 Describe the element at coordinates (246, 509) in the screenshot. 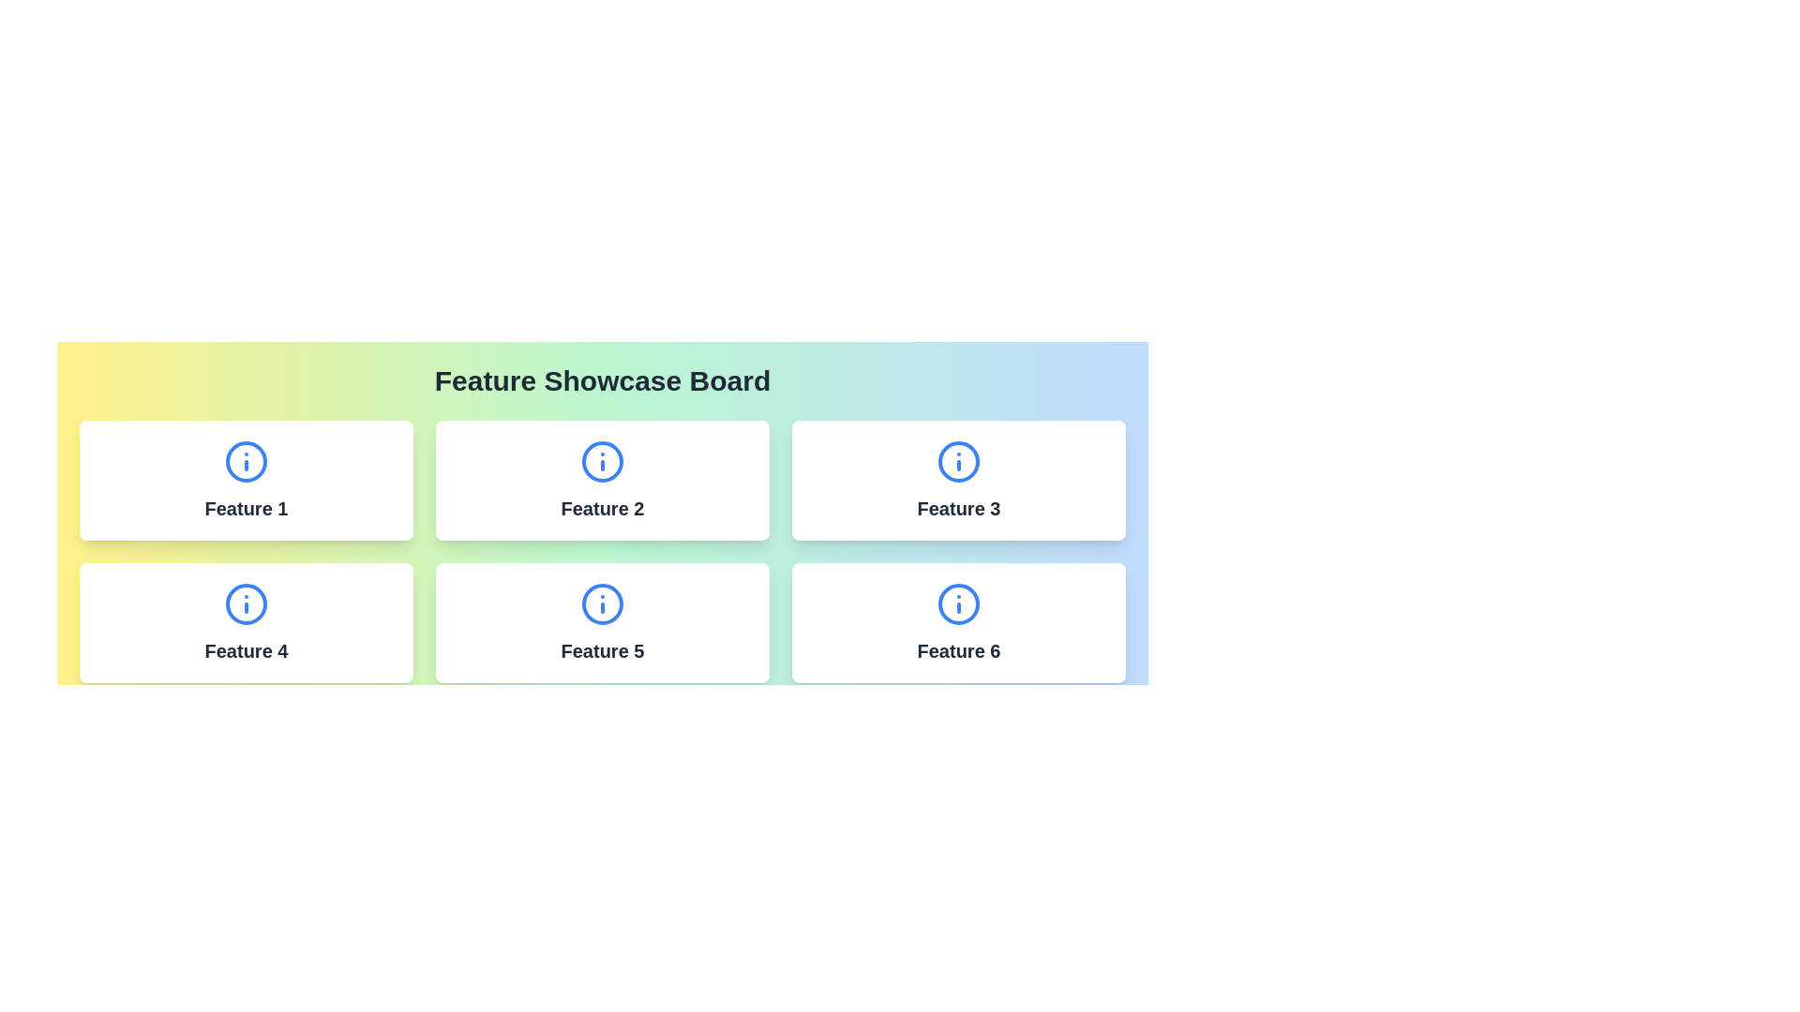

I see `the 'Feature 1' text label, which is displayed in a large, bold font in dark gray color, located in the top-left card of the 'Feature Showcase Board' interface` at that location.